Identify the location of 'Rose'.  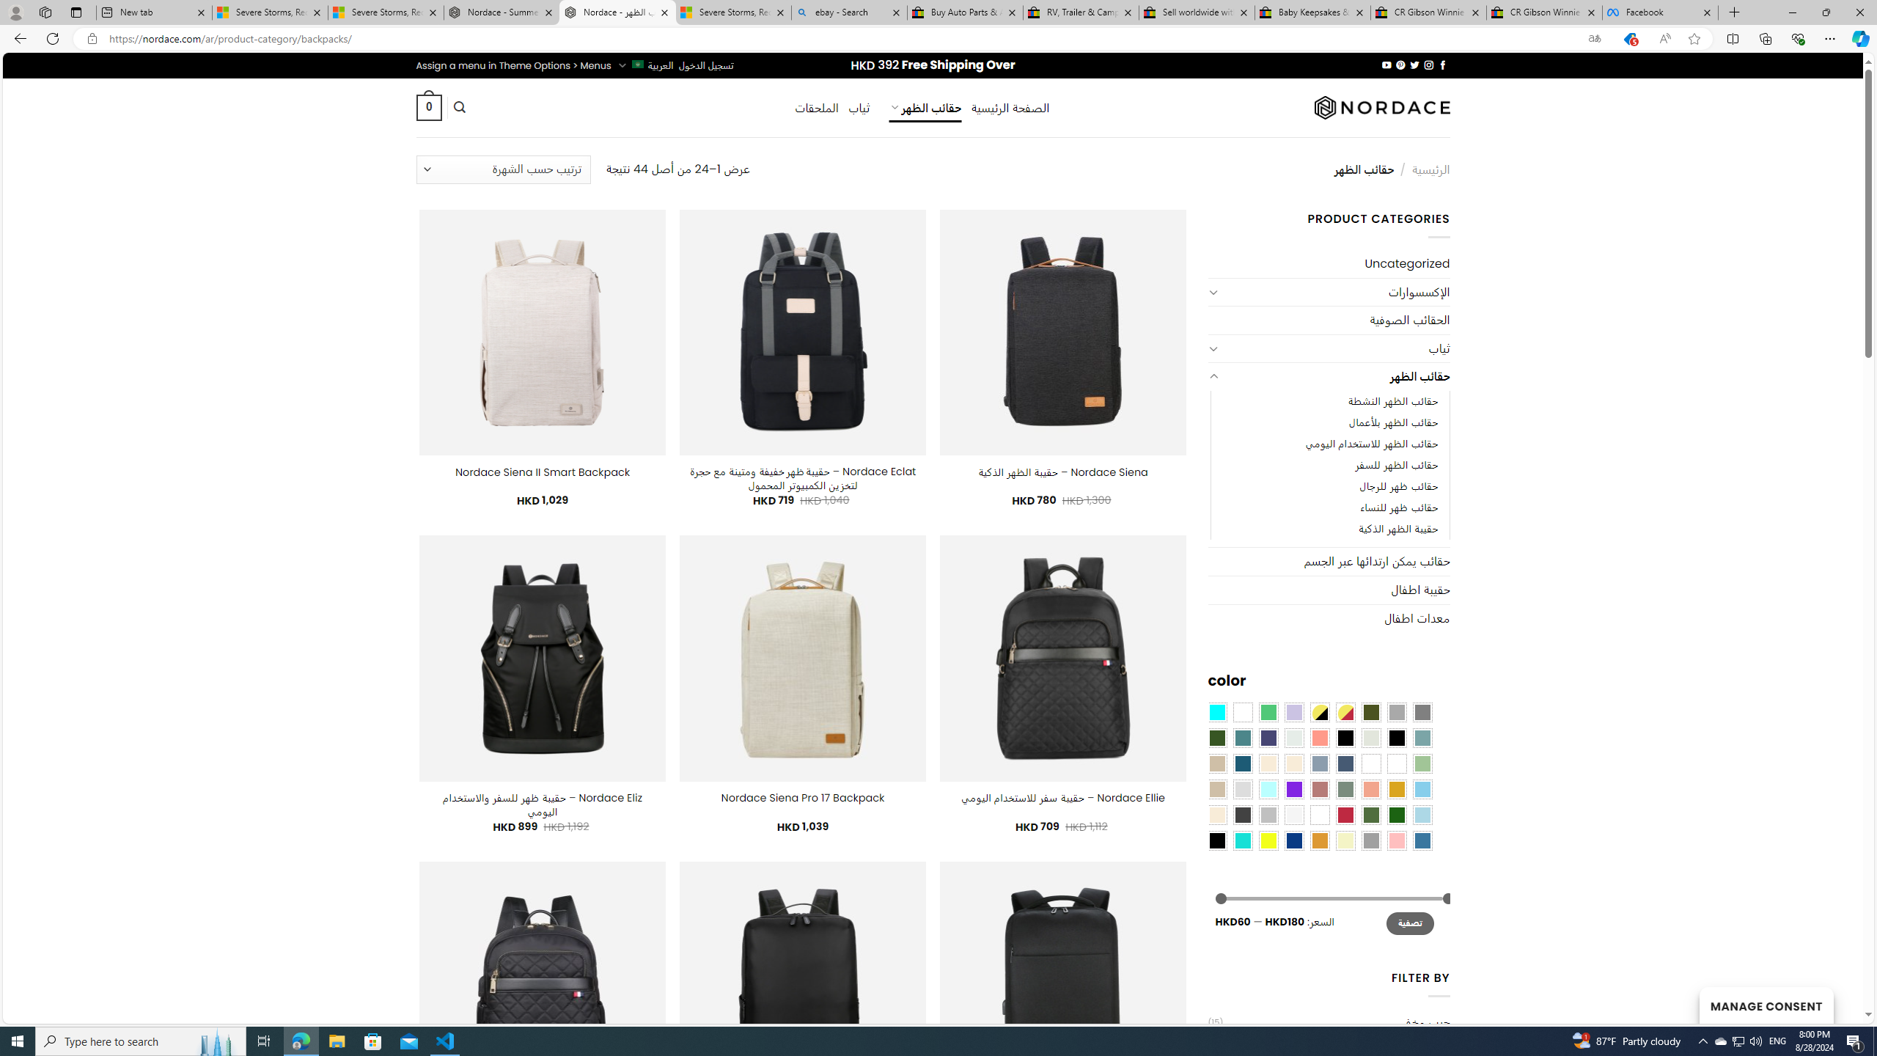
(1318, 788).